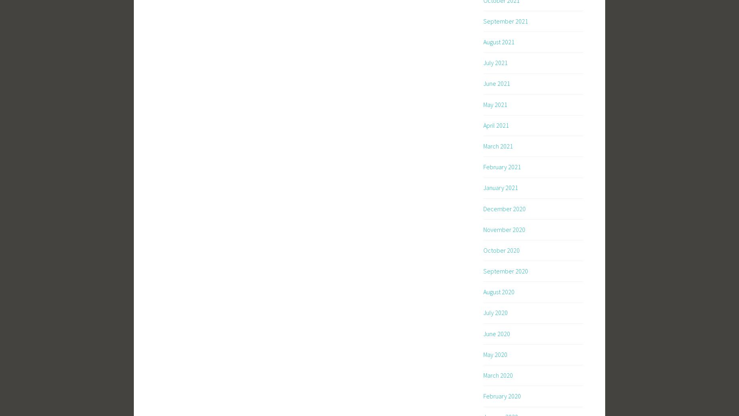 The width and height of the screenshot is (739, 416). What do you see at coordinates (498, 42) in the screenshot?
I see `'August 2021'` at bounding box center [498, 42].